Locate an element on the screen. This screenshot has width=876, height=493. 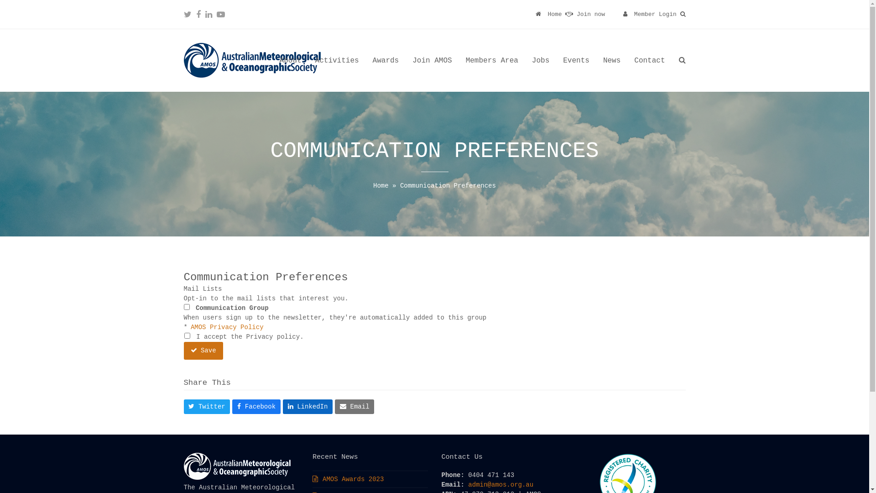
'Facebook' is located at coordinates (255, 406).